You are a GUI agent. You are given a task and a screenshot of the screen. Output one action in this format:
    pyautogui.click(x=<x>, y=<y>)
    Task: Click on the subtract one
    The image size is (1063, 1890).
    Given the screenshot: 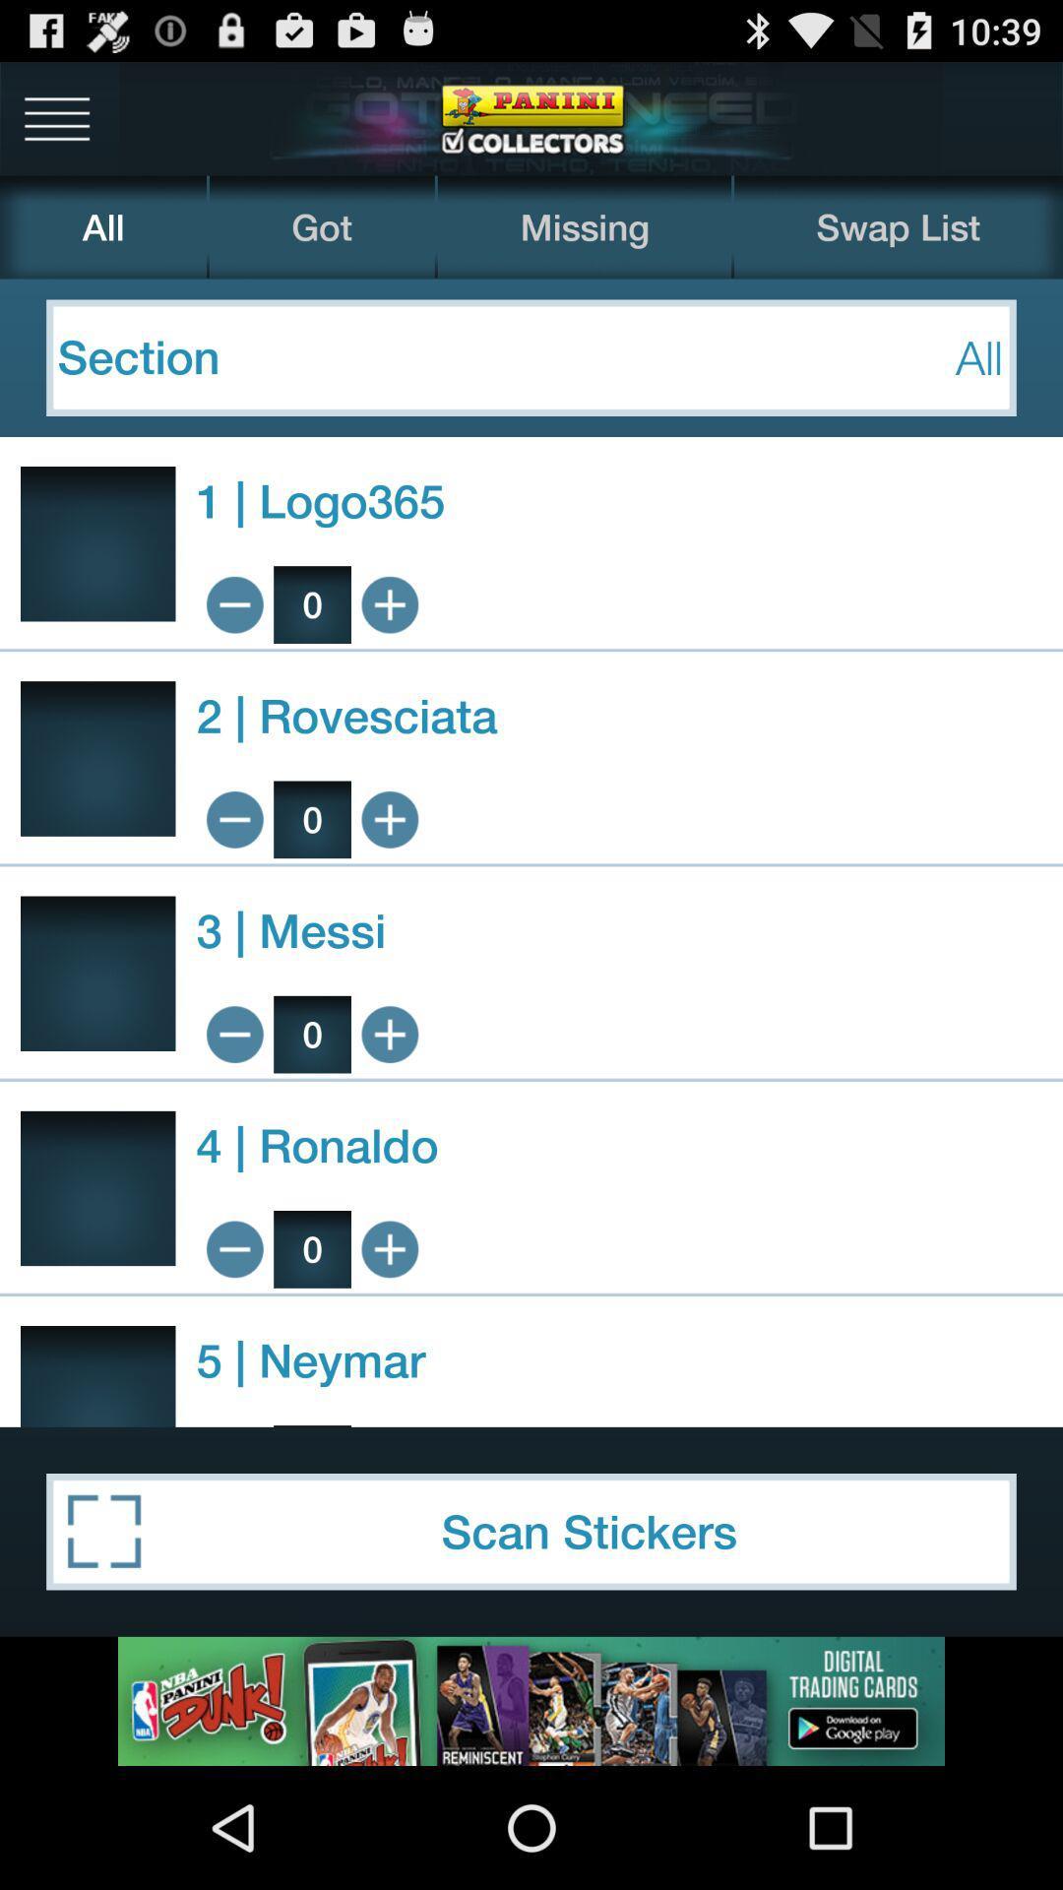 What is the action you would take?
    pyautogui.click(x=233, y=603)
    